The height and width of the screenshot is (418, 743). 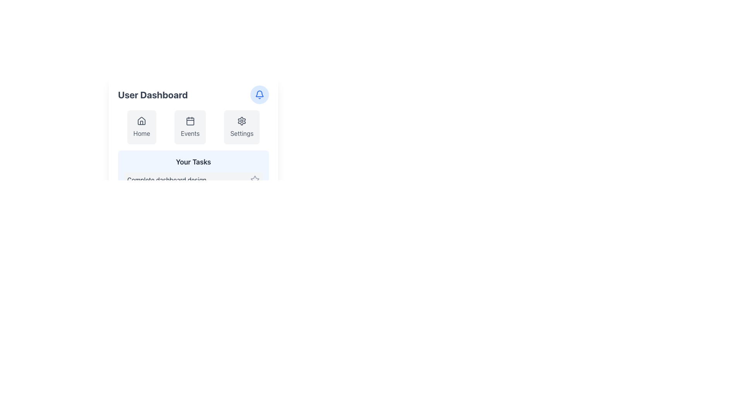 What do you see at coordinates (255, 180) in the screenshot?
I see `the star icon located towards the right end of the 'Complete dashboard design' task item to mark it as important or favorite` at bounding box center [255, 180].